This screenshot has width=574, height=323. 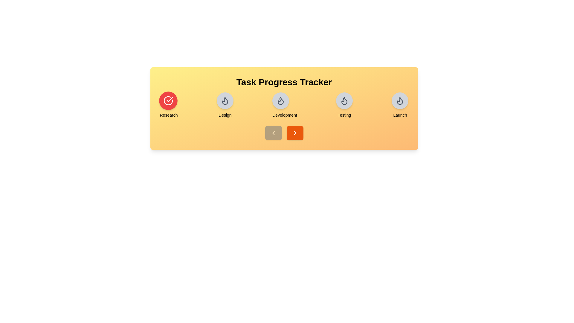 What do you see at coordinates (168, 100) in the screenshot?
I see `the 'Research' stage icon in the task progress tracker, which is visually indicating the current or completed stage` at bounding box center [168, 100].